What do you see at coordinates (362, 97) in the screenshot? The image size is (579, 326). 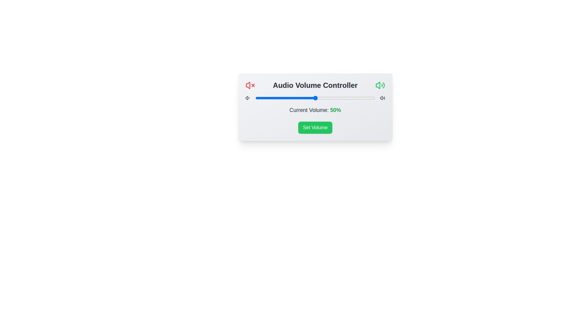 I see `the volume slider to 89%` at bounding box center [362, 97].